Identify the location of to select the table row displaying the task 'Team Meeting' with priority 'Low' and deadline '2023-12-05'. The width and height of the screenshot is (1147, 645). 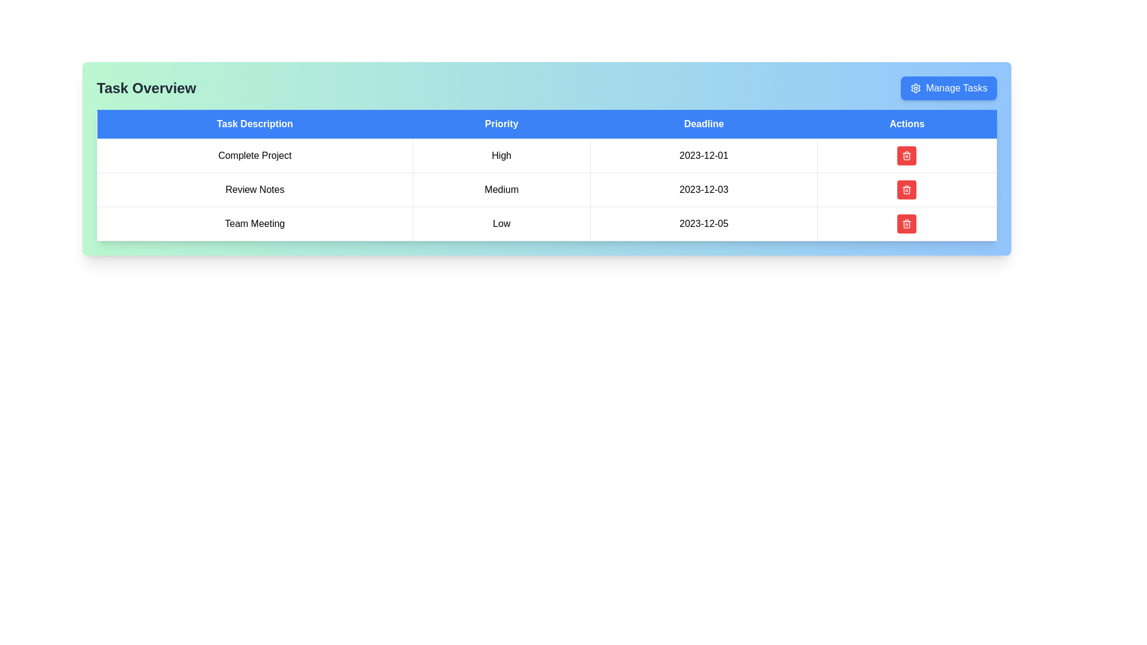
(546, 223).